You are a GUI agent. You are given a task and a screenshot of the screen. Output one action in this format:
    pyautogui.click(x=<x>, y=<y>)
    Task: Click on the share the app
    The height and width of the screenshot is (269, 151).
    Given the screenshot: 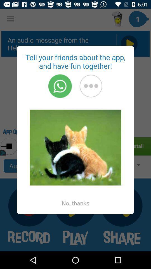 What is the action you would take?
    pyautogui.click(x=91, y=86)
    